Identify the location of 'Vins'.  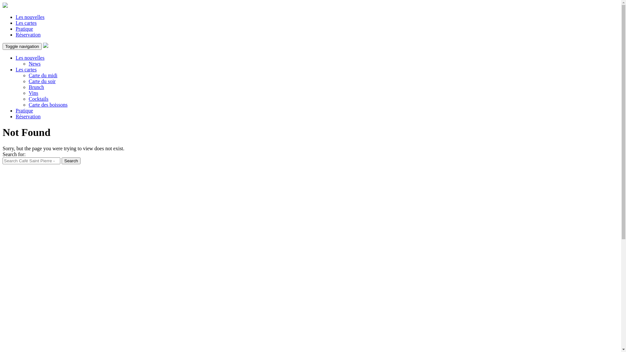
(33, 93).